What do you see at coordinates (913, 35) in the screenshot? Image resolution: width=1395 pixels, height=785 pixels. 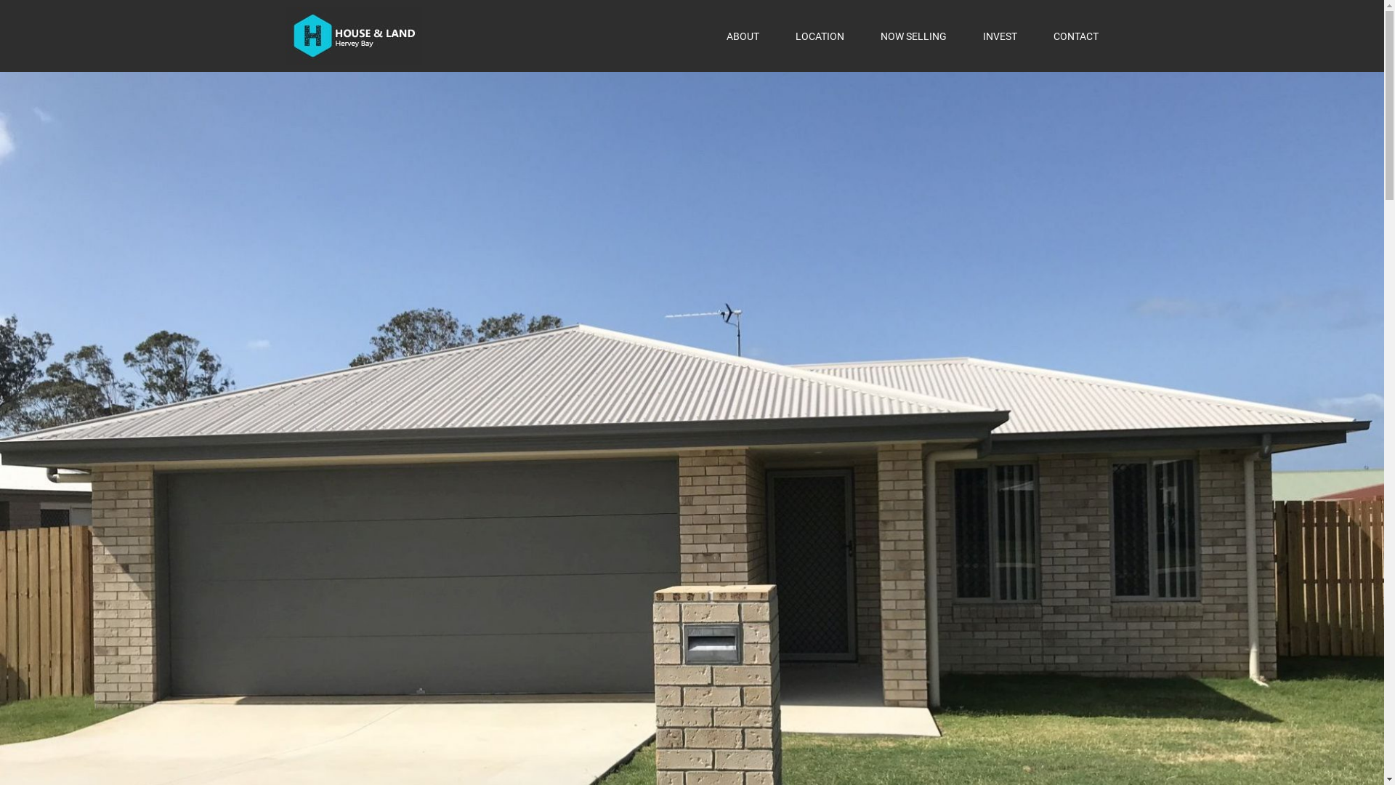 I see `'NOW SELLING'` at bounding box center [913, 35].